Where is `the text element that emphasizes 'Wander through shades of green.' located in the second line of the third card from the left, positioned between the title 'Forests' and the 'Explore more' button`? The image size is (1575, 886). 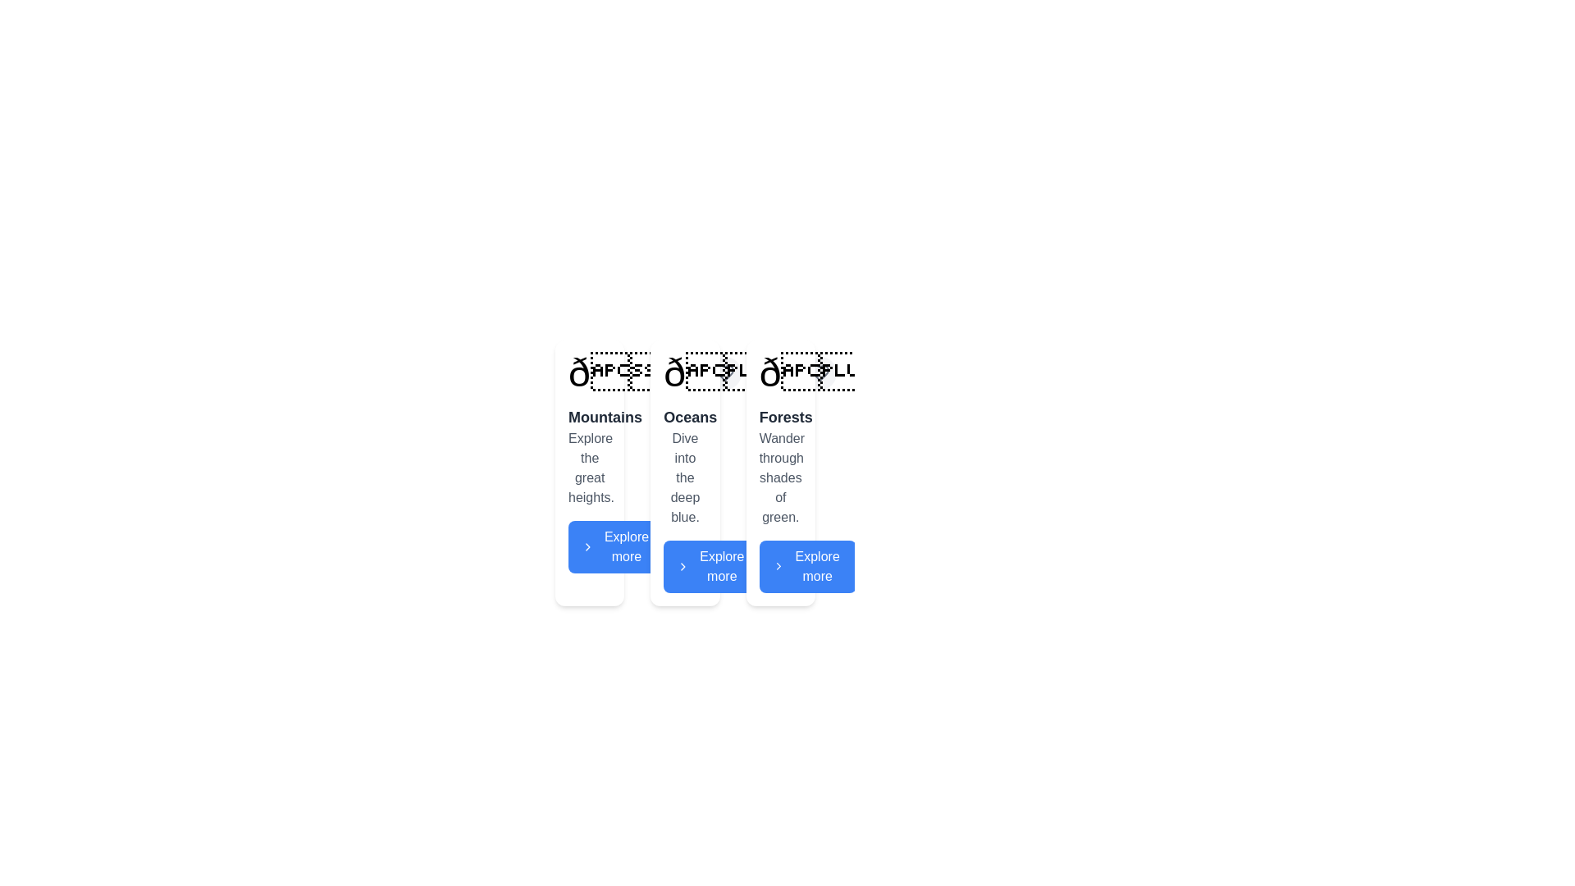 the text element that emphasizes 'Wander through shades of green.' located in the second line of the third card from the left, positioned between the title 'Forests' and the 'Explore more' button is located at coordinates (779, 477).